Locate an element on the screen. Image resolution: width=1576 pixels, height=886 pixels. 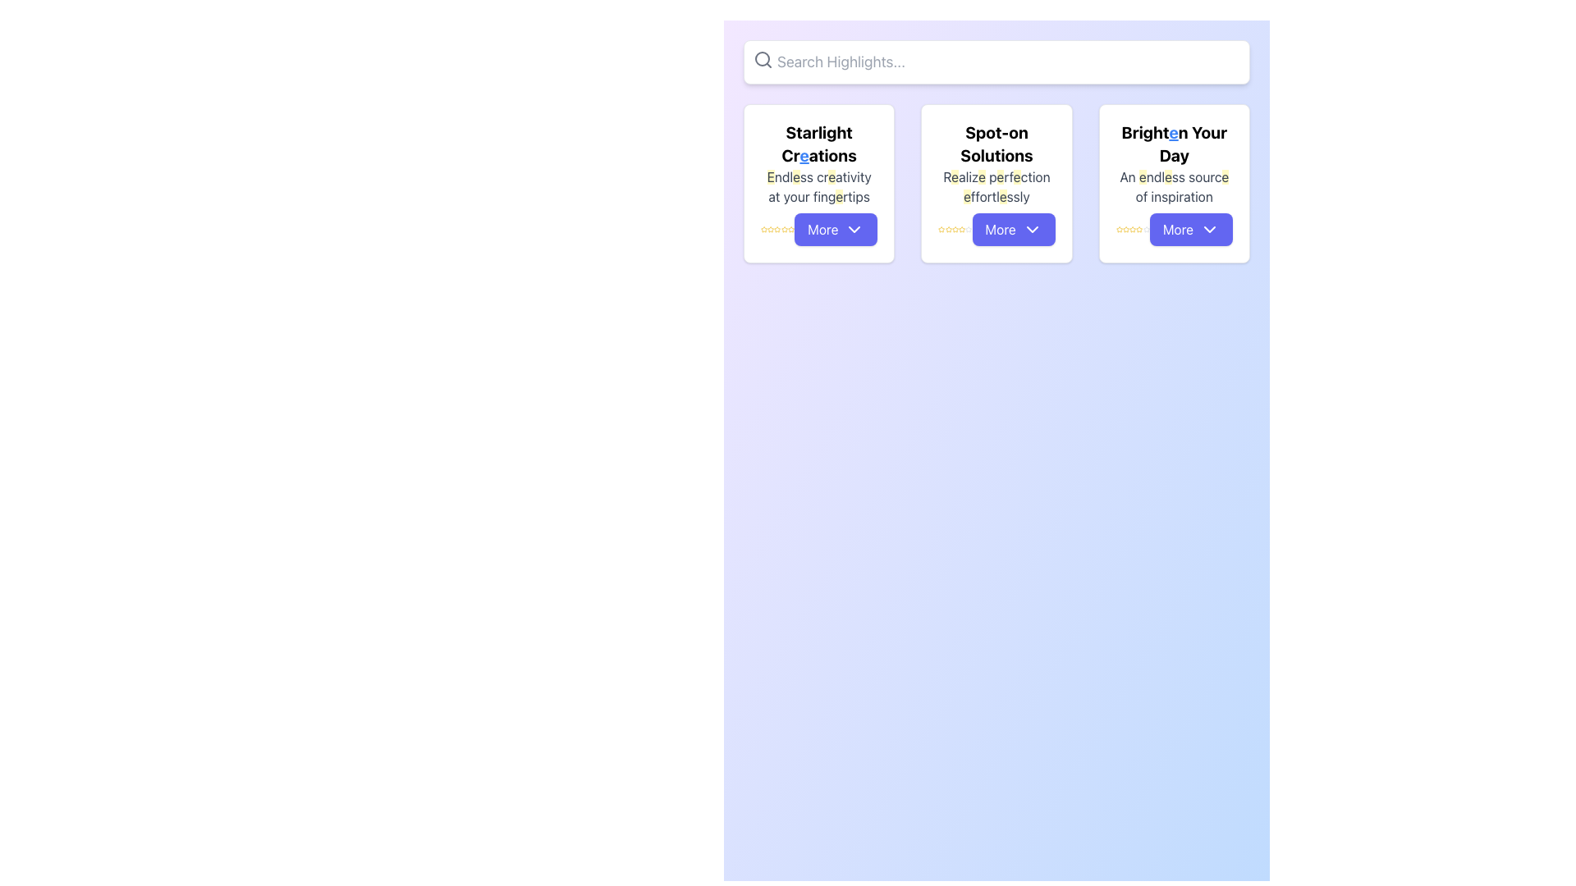
the highlighted lowercase letter 'e' with a yellow background in the word 'creativity' of the phrase 'Endless creativity at your fingertips' on the first card under 'Starlight Creations' is located at coordinates (832, 177).